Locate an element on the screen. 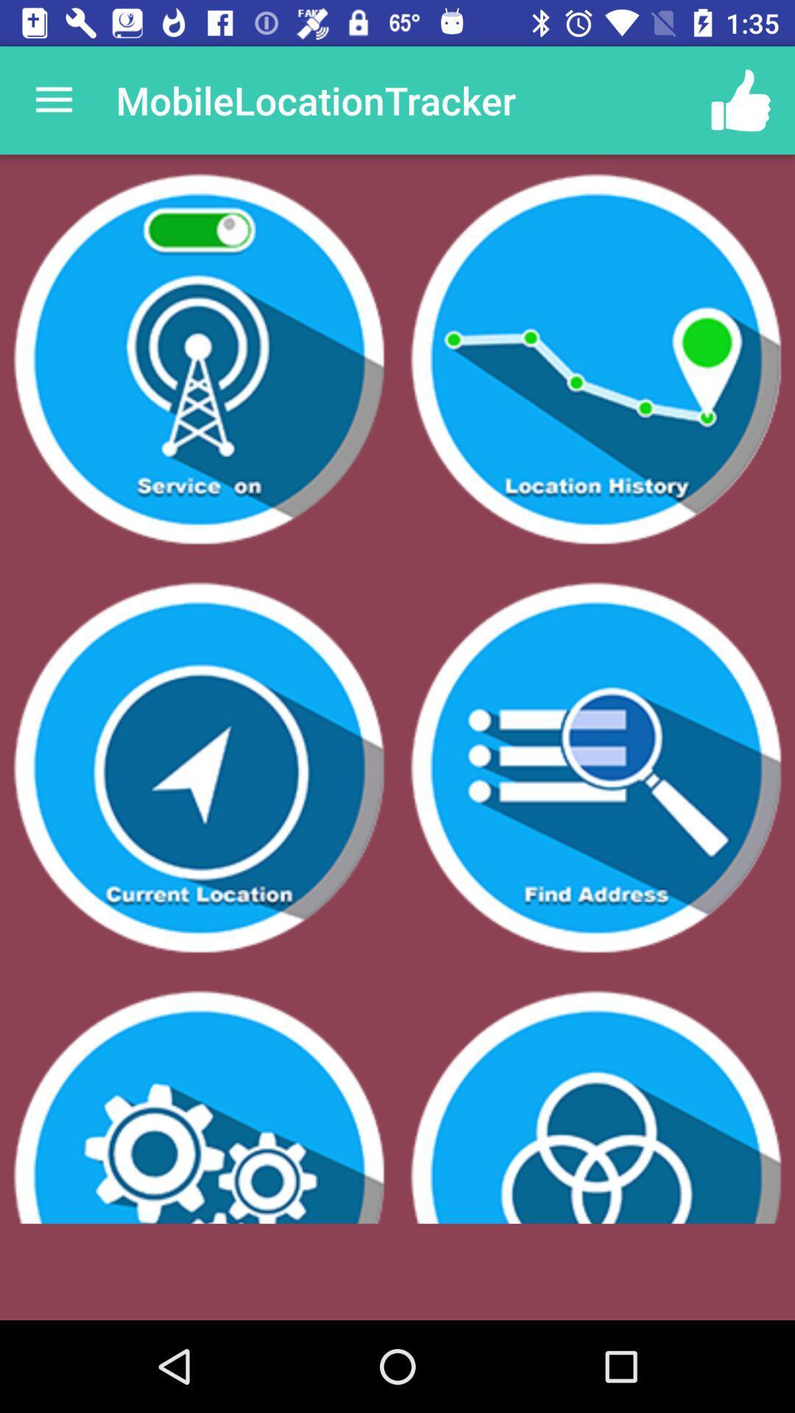  app next to mobilelocationtracker is located at coordinates (53, 99).